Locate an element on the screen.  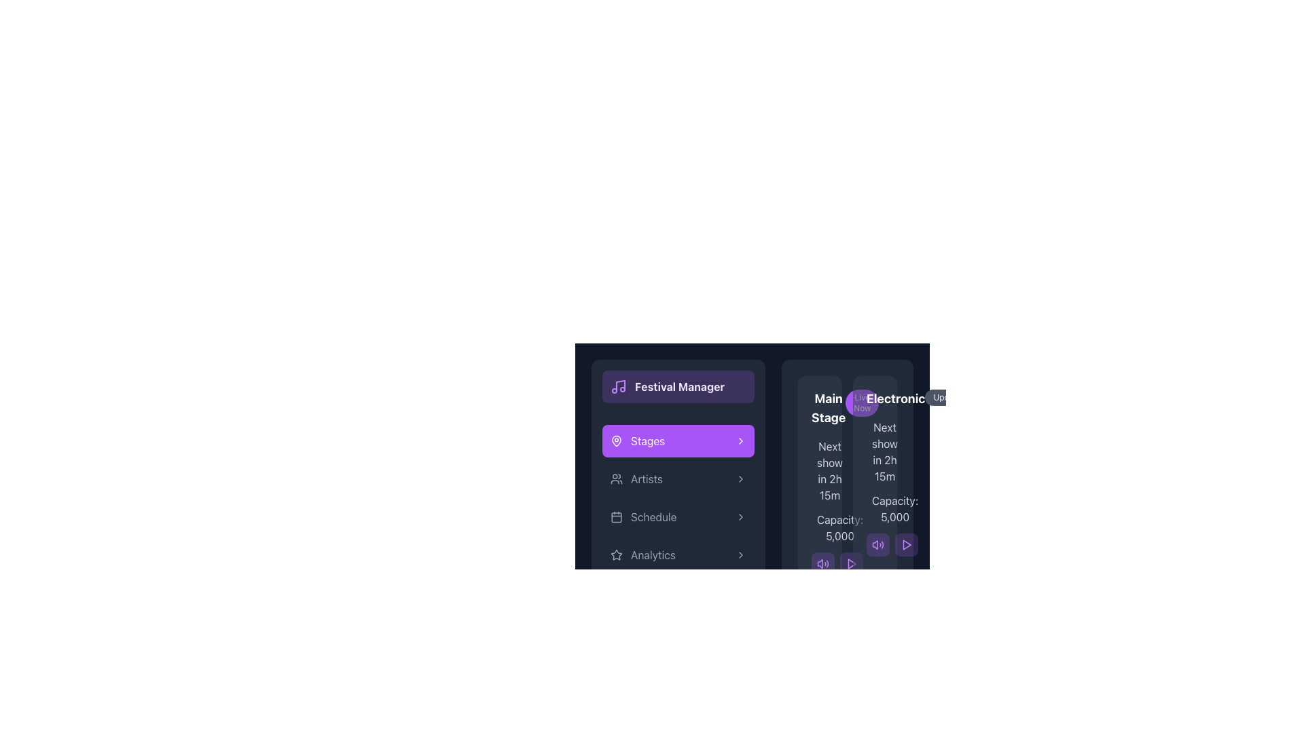
the chevron icon located to the far right of the 'Stages' button is located at coordinates (740, 441).